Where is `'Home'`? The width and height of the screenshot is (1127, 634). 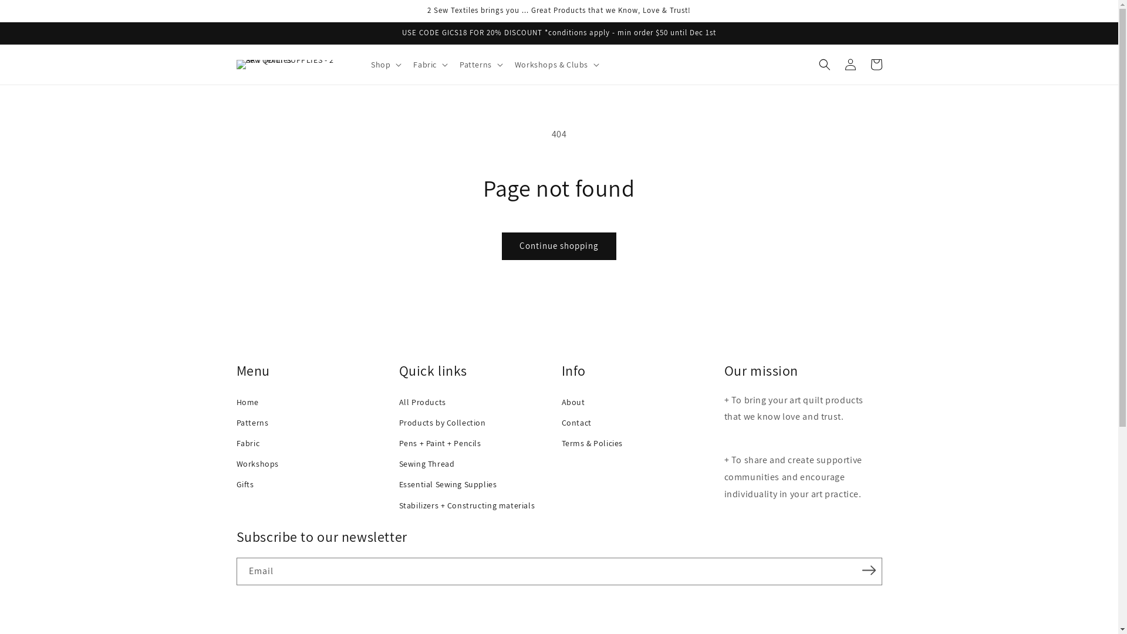 'Home' is located at coordinates (315, 402).